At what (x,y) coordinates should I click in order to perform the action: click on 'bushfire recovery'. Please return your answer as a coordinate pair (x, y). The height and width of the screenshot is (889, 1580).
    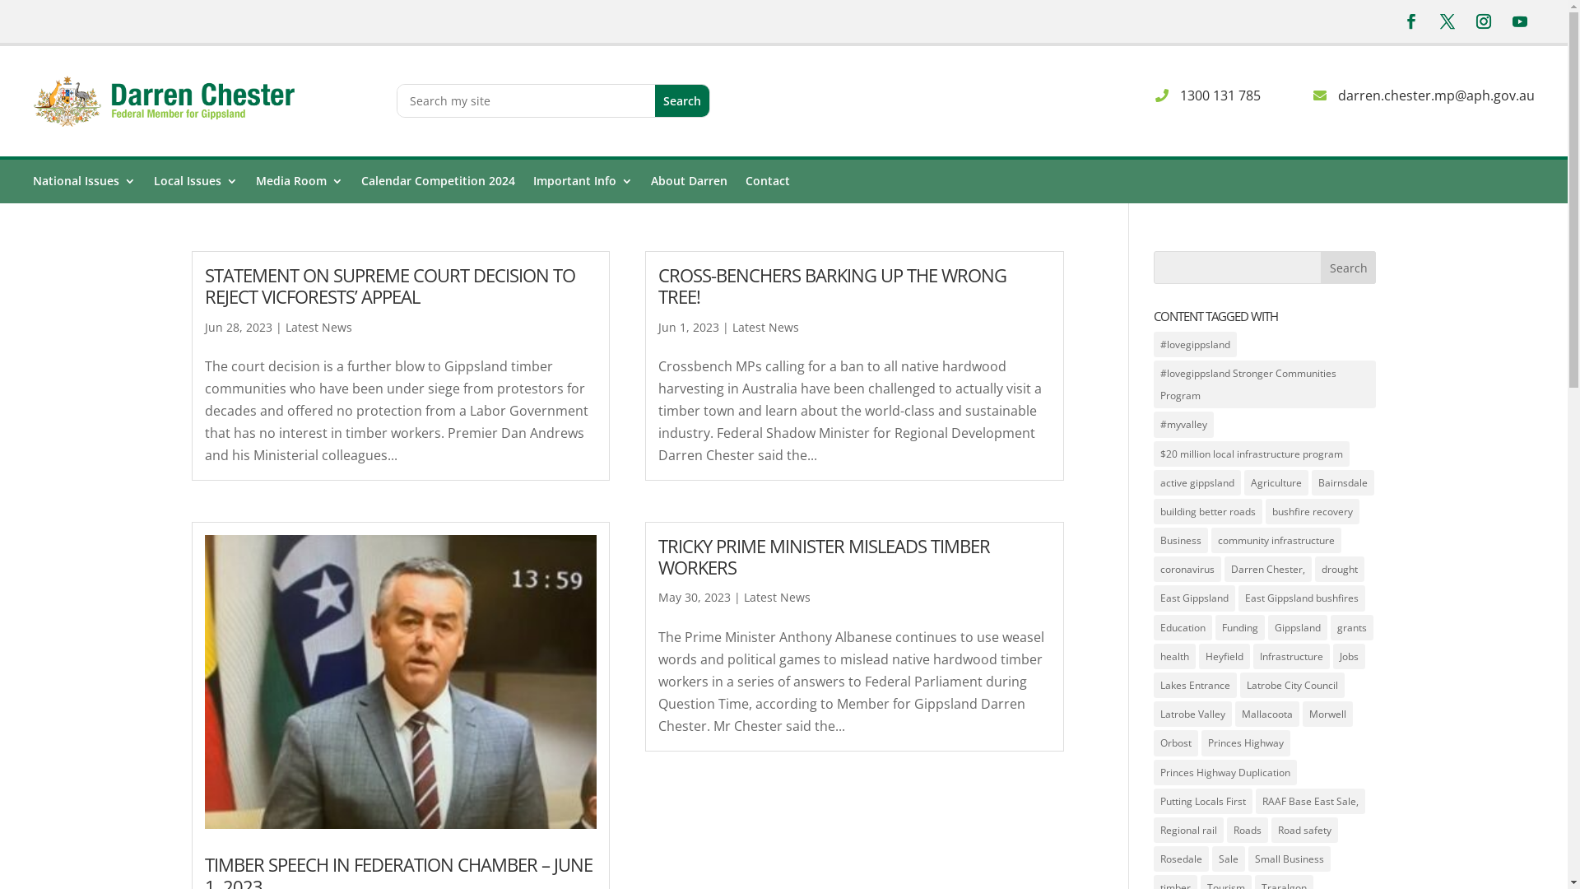
    Looking at the image, I should click on (1311, 510).